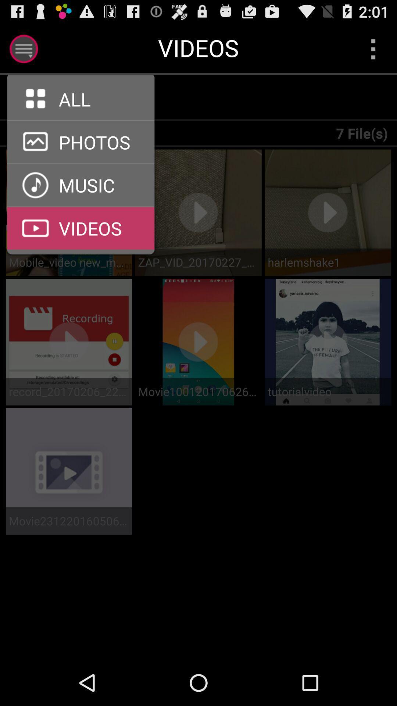 The height and width of the screenshot is (706, 397). What do you see at coordinates (85, 97) in the screenshot?
I see `shows all button` at bounding box center [85, 97].